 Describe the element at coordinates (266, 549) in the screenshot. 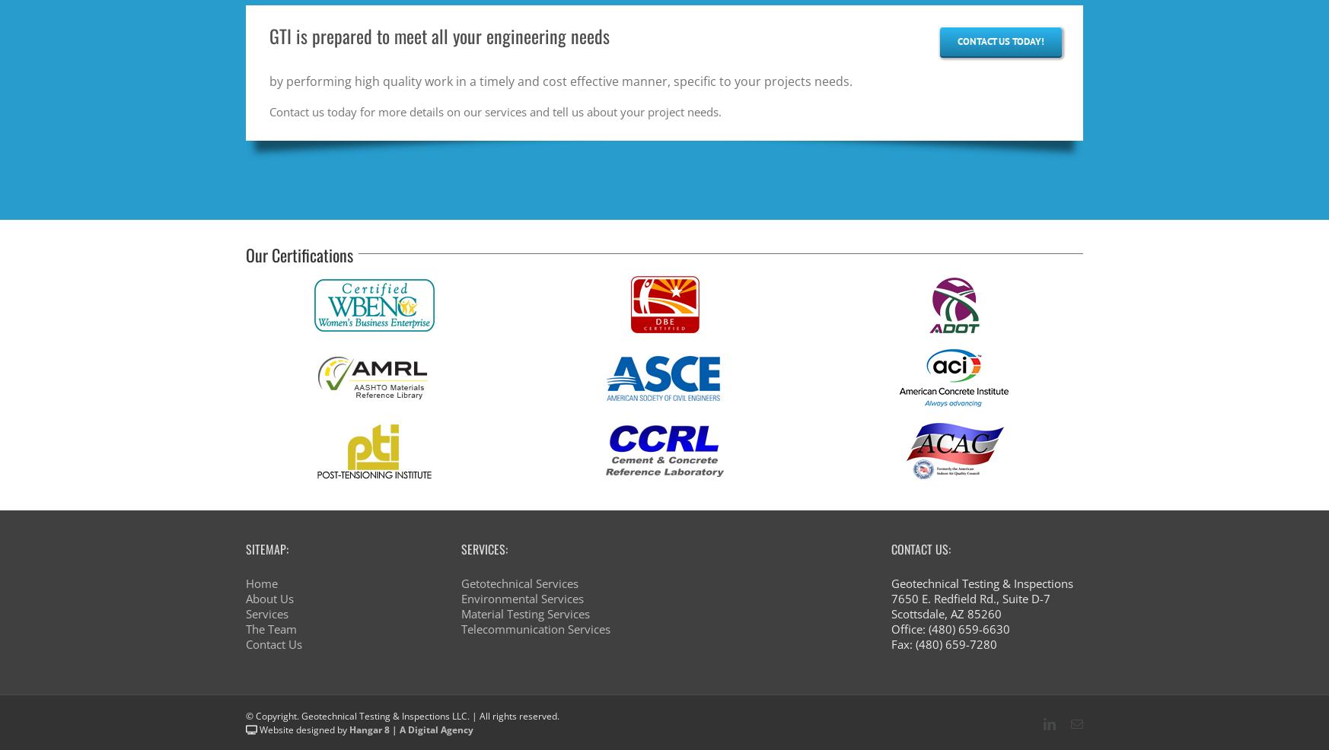

I see `'Sitemap:'` at that location.